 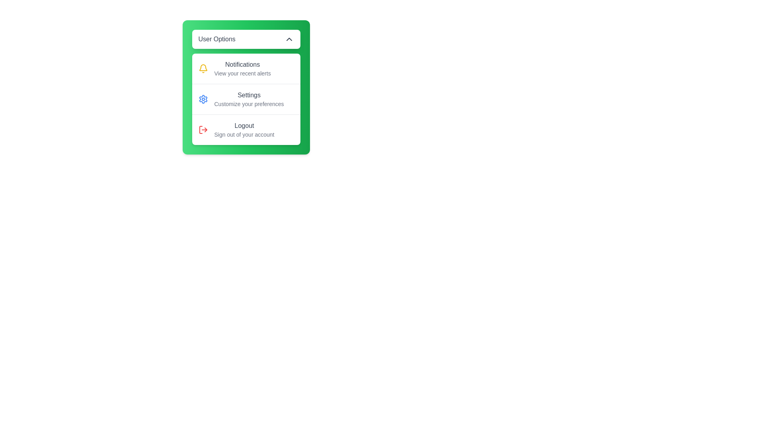 I want to click on the settings icon located to the left within the 'Settings' option in the 'User Options' dropdown menu, so click(x=203, y=99).